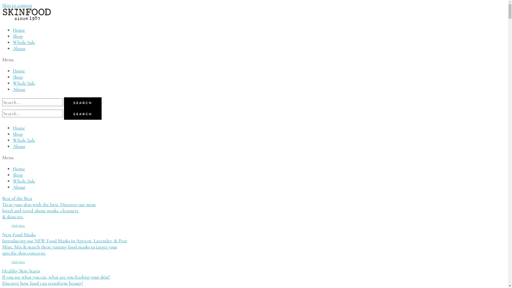 The image size is (512, 288). I want to click on 'About', so click(19, 89).